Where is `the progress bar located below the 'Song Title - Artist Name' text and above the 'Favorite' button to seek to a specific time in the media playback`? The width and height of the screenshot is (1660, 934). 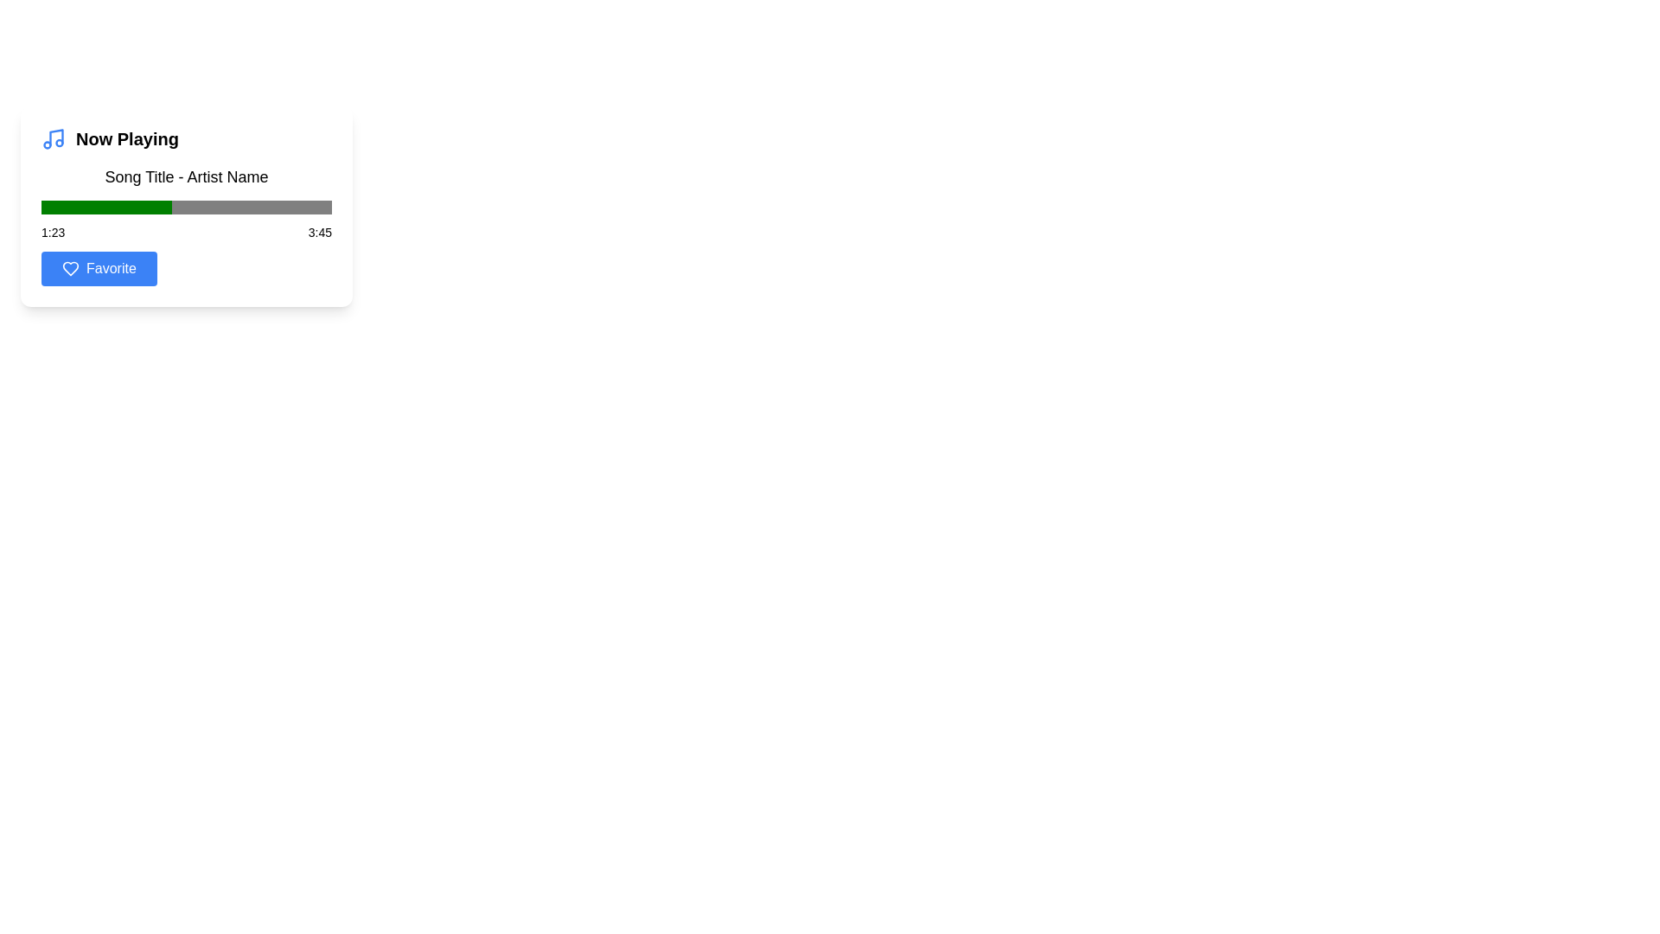 the progress bar located below the 'Song Title - Artist Name' text and above the 'Favorite' button to seek to a specific time in the media playback is located at coordinates (187, 219).